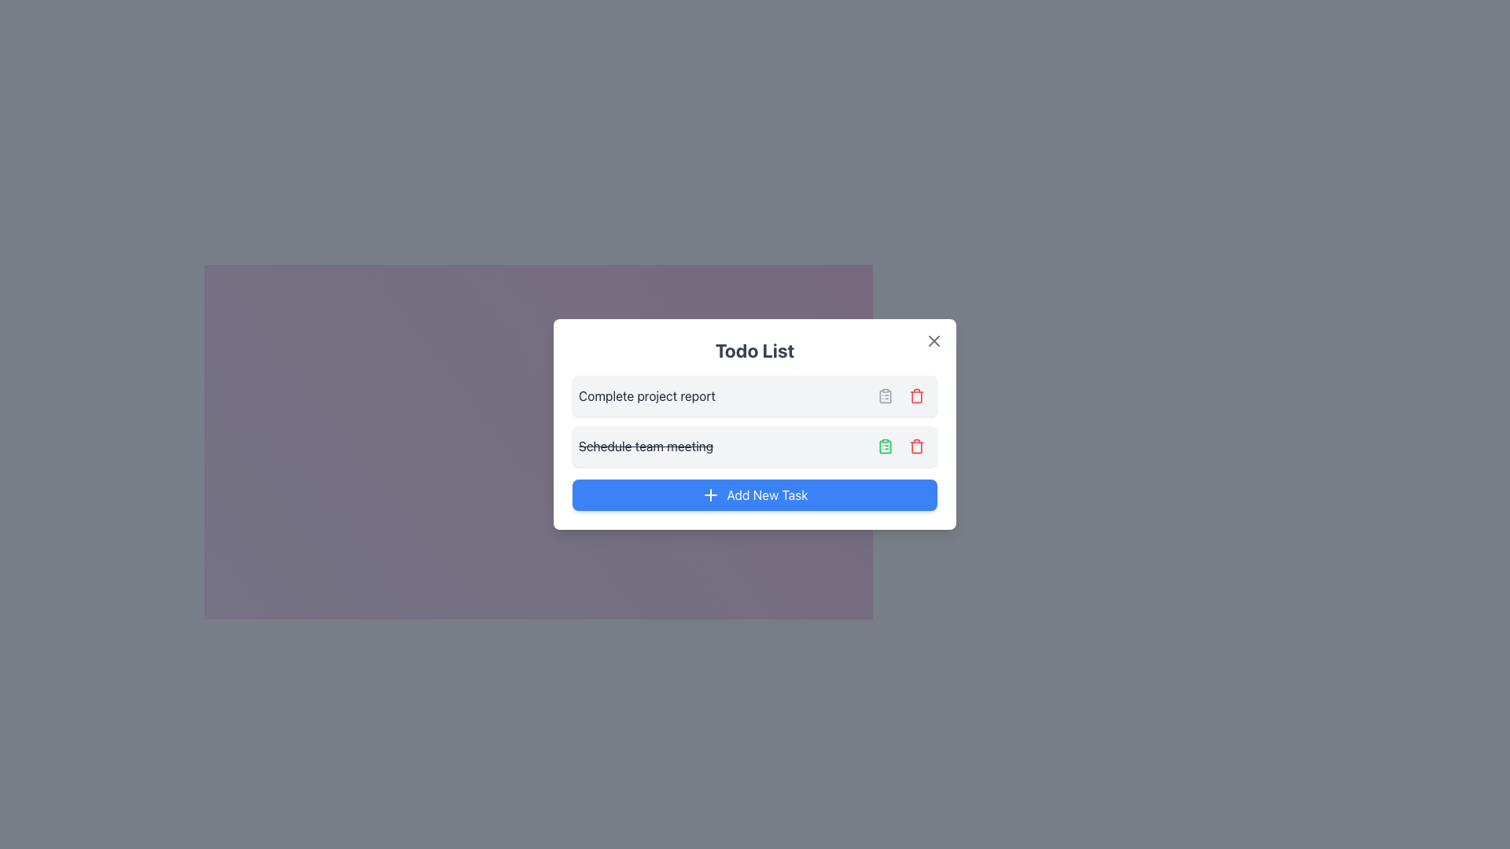 This screenshot has height=849, width=1510. Describe the element at coordinates (646, 446) in the screenshot. I see `the completed task text displaying 'Schedule team meeting' in gray, which is marked with a line across it, located in the 'Todo List' interface` at that location.